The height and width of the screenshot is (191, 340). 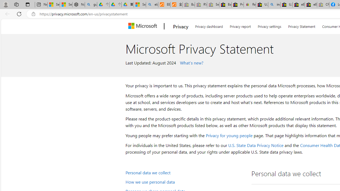 What do you see at coordinates (256, 145) in the screenshot?
I see `'U.S. State Data Privacy Notice'` at bounding box center [256, 145].